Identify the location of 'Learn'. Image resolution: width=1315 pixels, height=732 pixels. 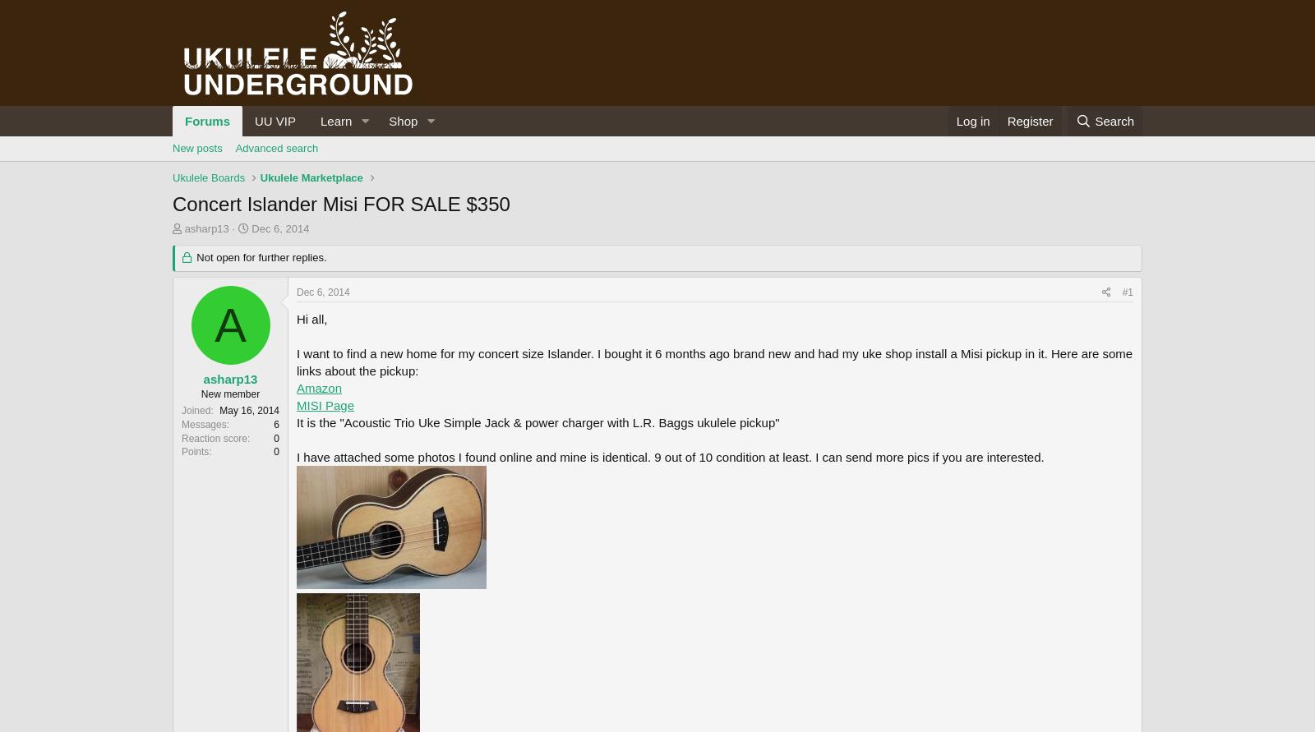
(335, 120).